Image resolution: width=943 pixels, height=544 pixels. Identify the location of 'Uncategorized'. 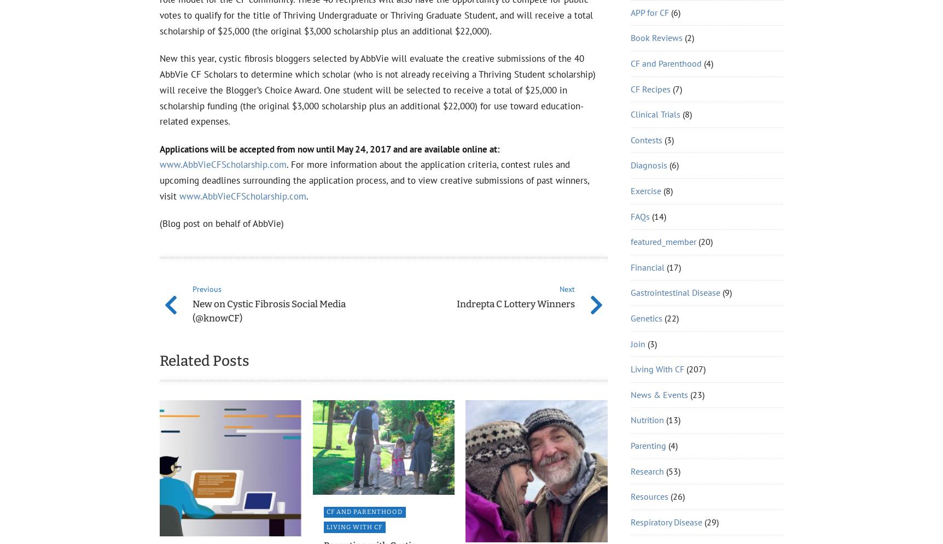
(657, 229).